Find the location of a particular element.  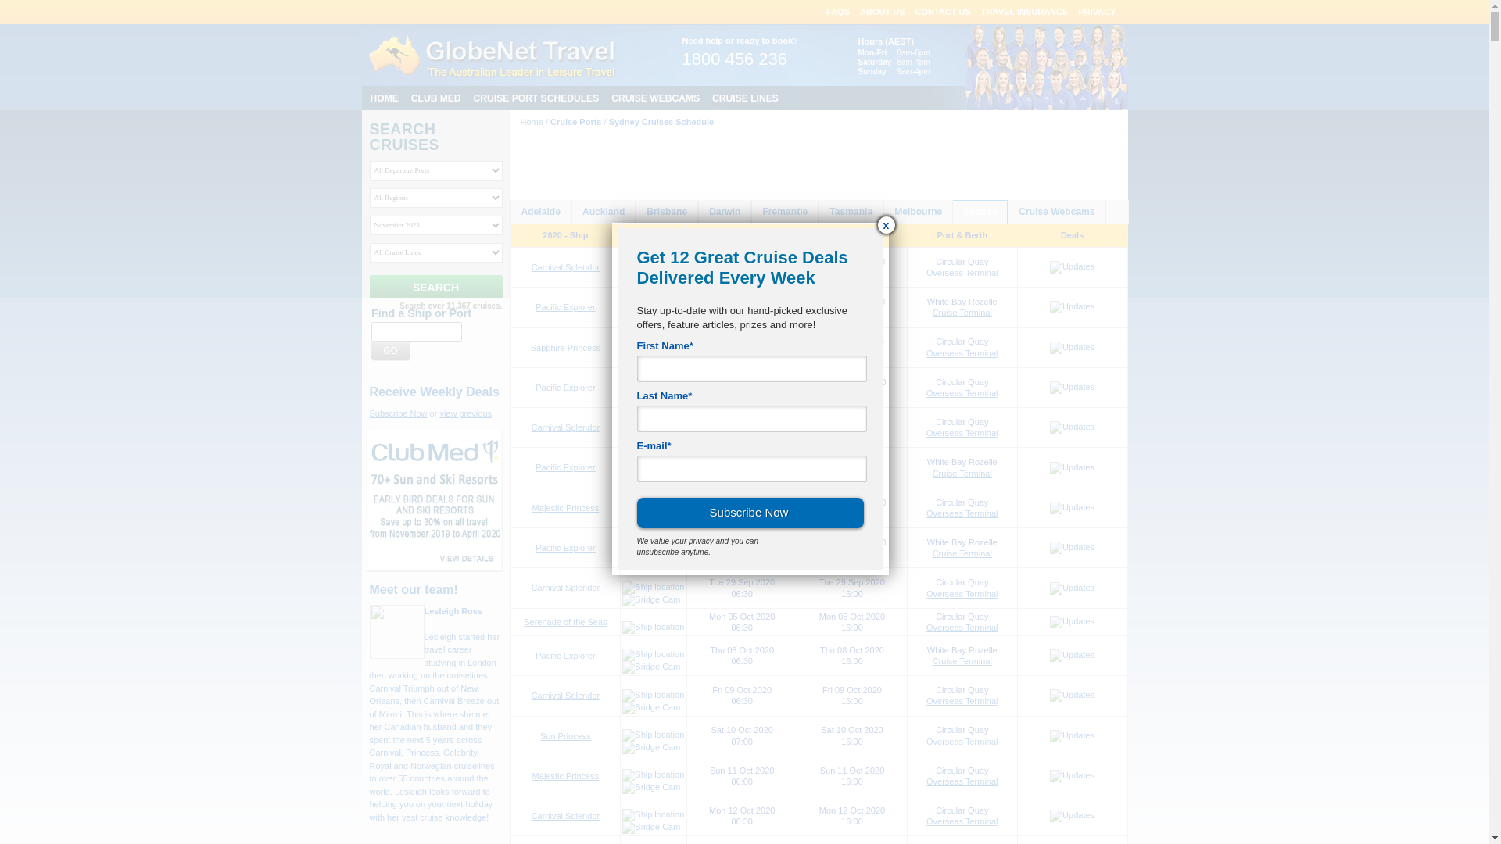

'Overseas Terminal' is located at coordinates (961, 433).